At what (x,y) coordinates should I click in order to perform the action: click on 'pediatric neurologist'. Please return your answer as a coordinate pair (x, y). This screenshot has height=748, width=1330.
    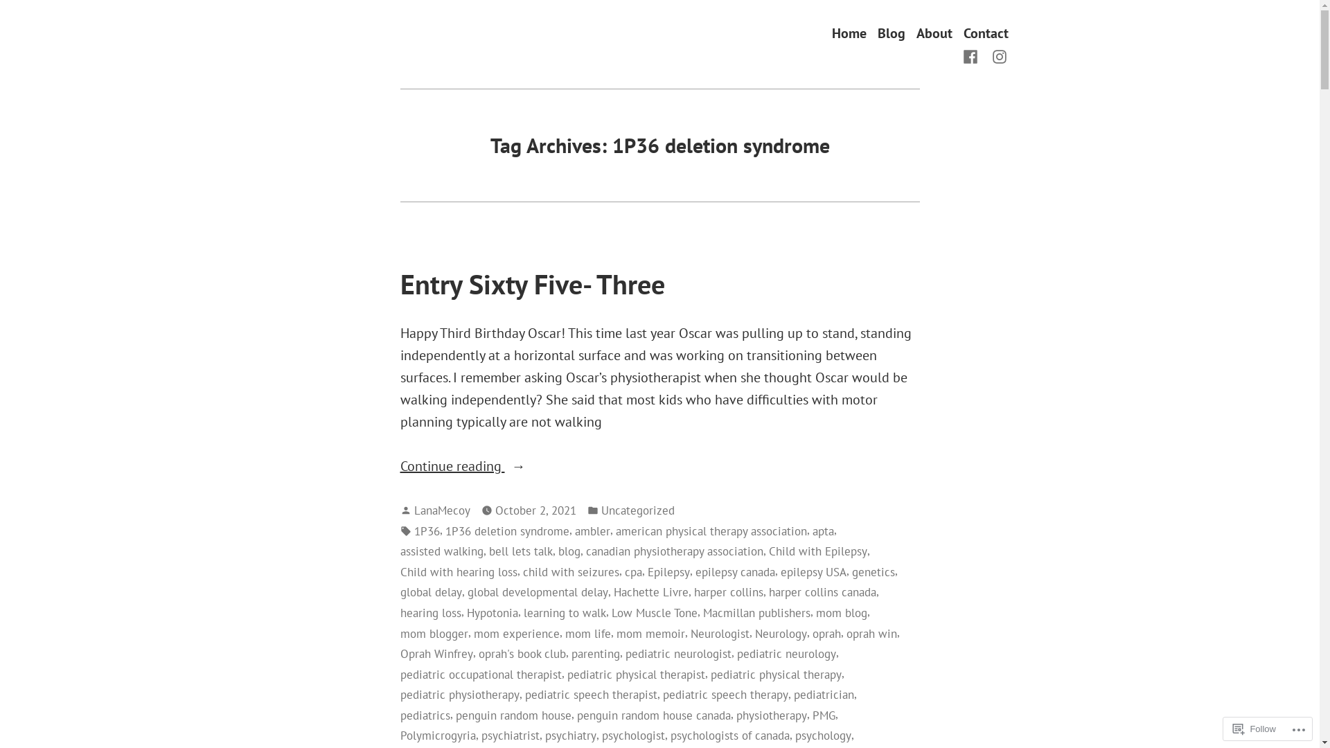
    Looking at the image, I should click on (677, 654).